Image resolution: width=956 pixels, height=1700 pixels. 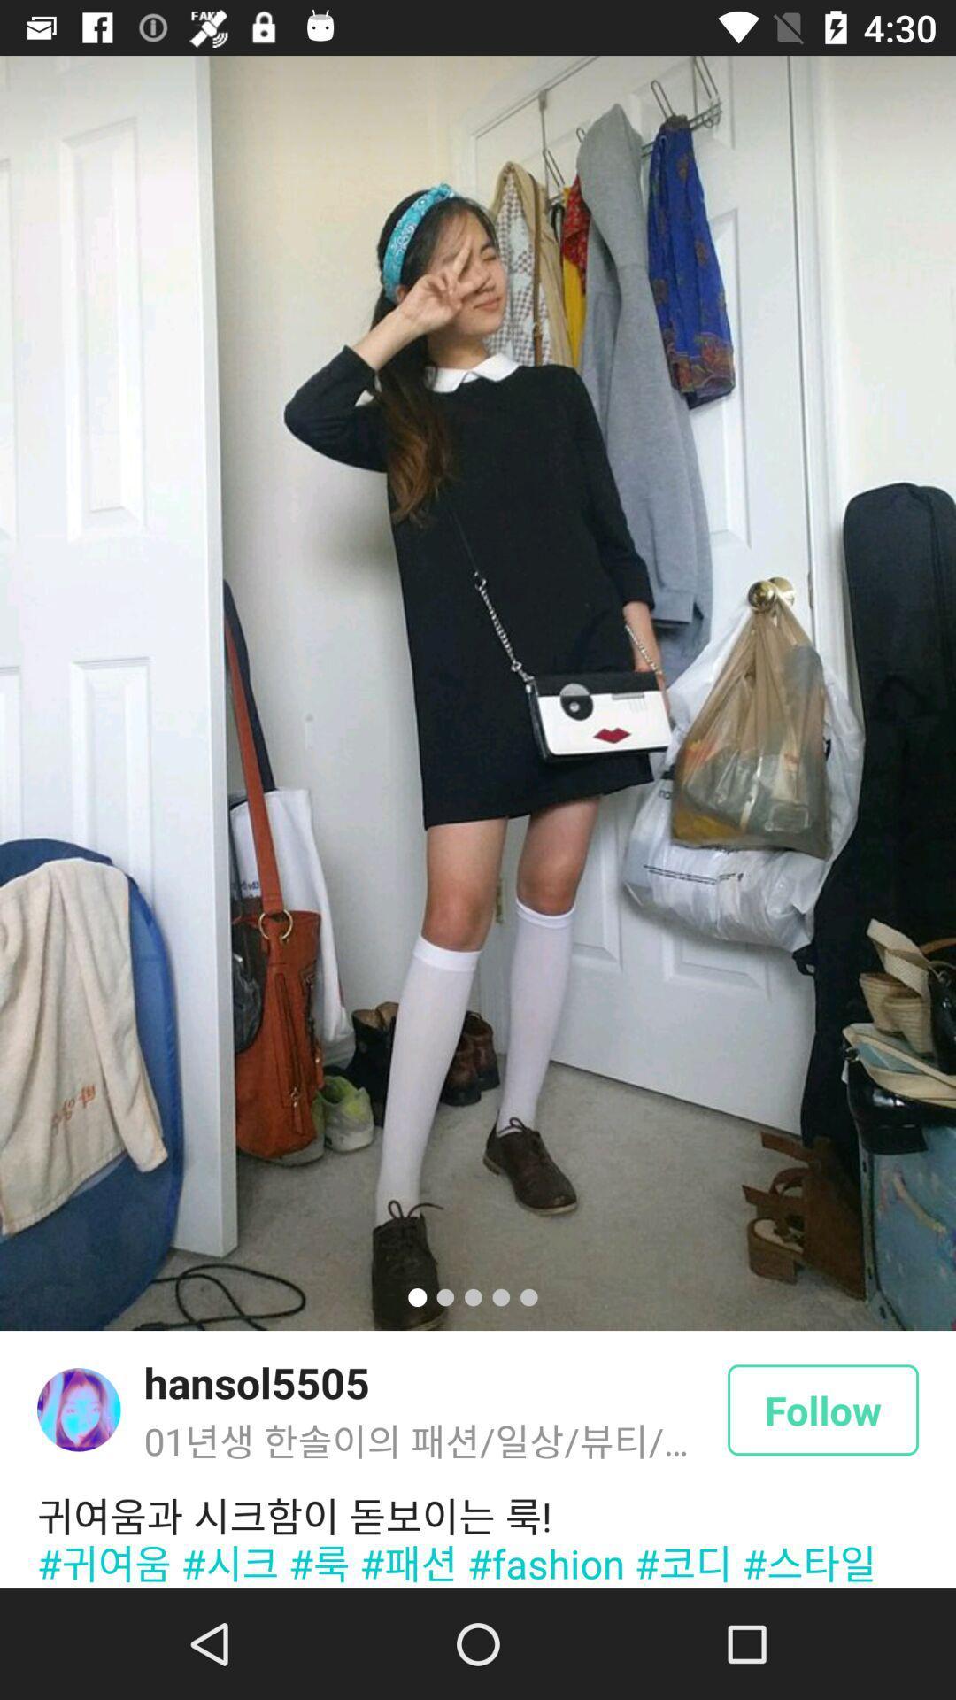 What do you see at coordinates (78, 1409) in the screenshot?
I see `the item to the left of the hansol5505` at bounding box center [78, 1409].